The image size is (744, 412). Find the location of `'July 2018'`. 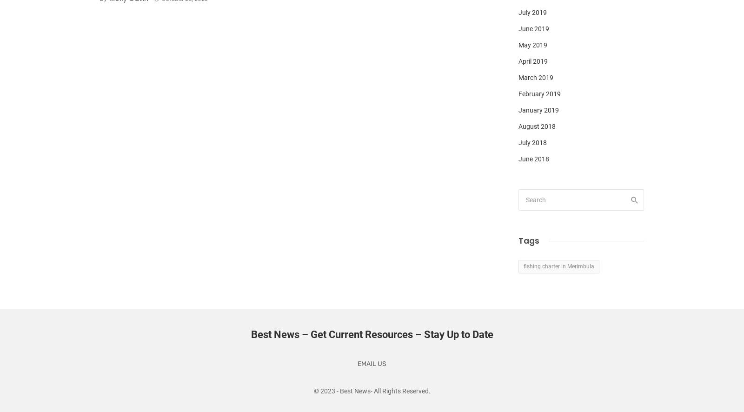

'July 2018' is located at coordinates (532, 142).